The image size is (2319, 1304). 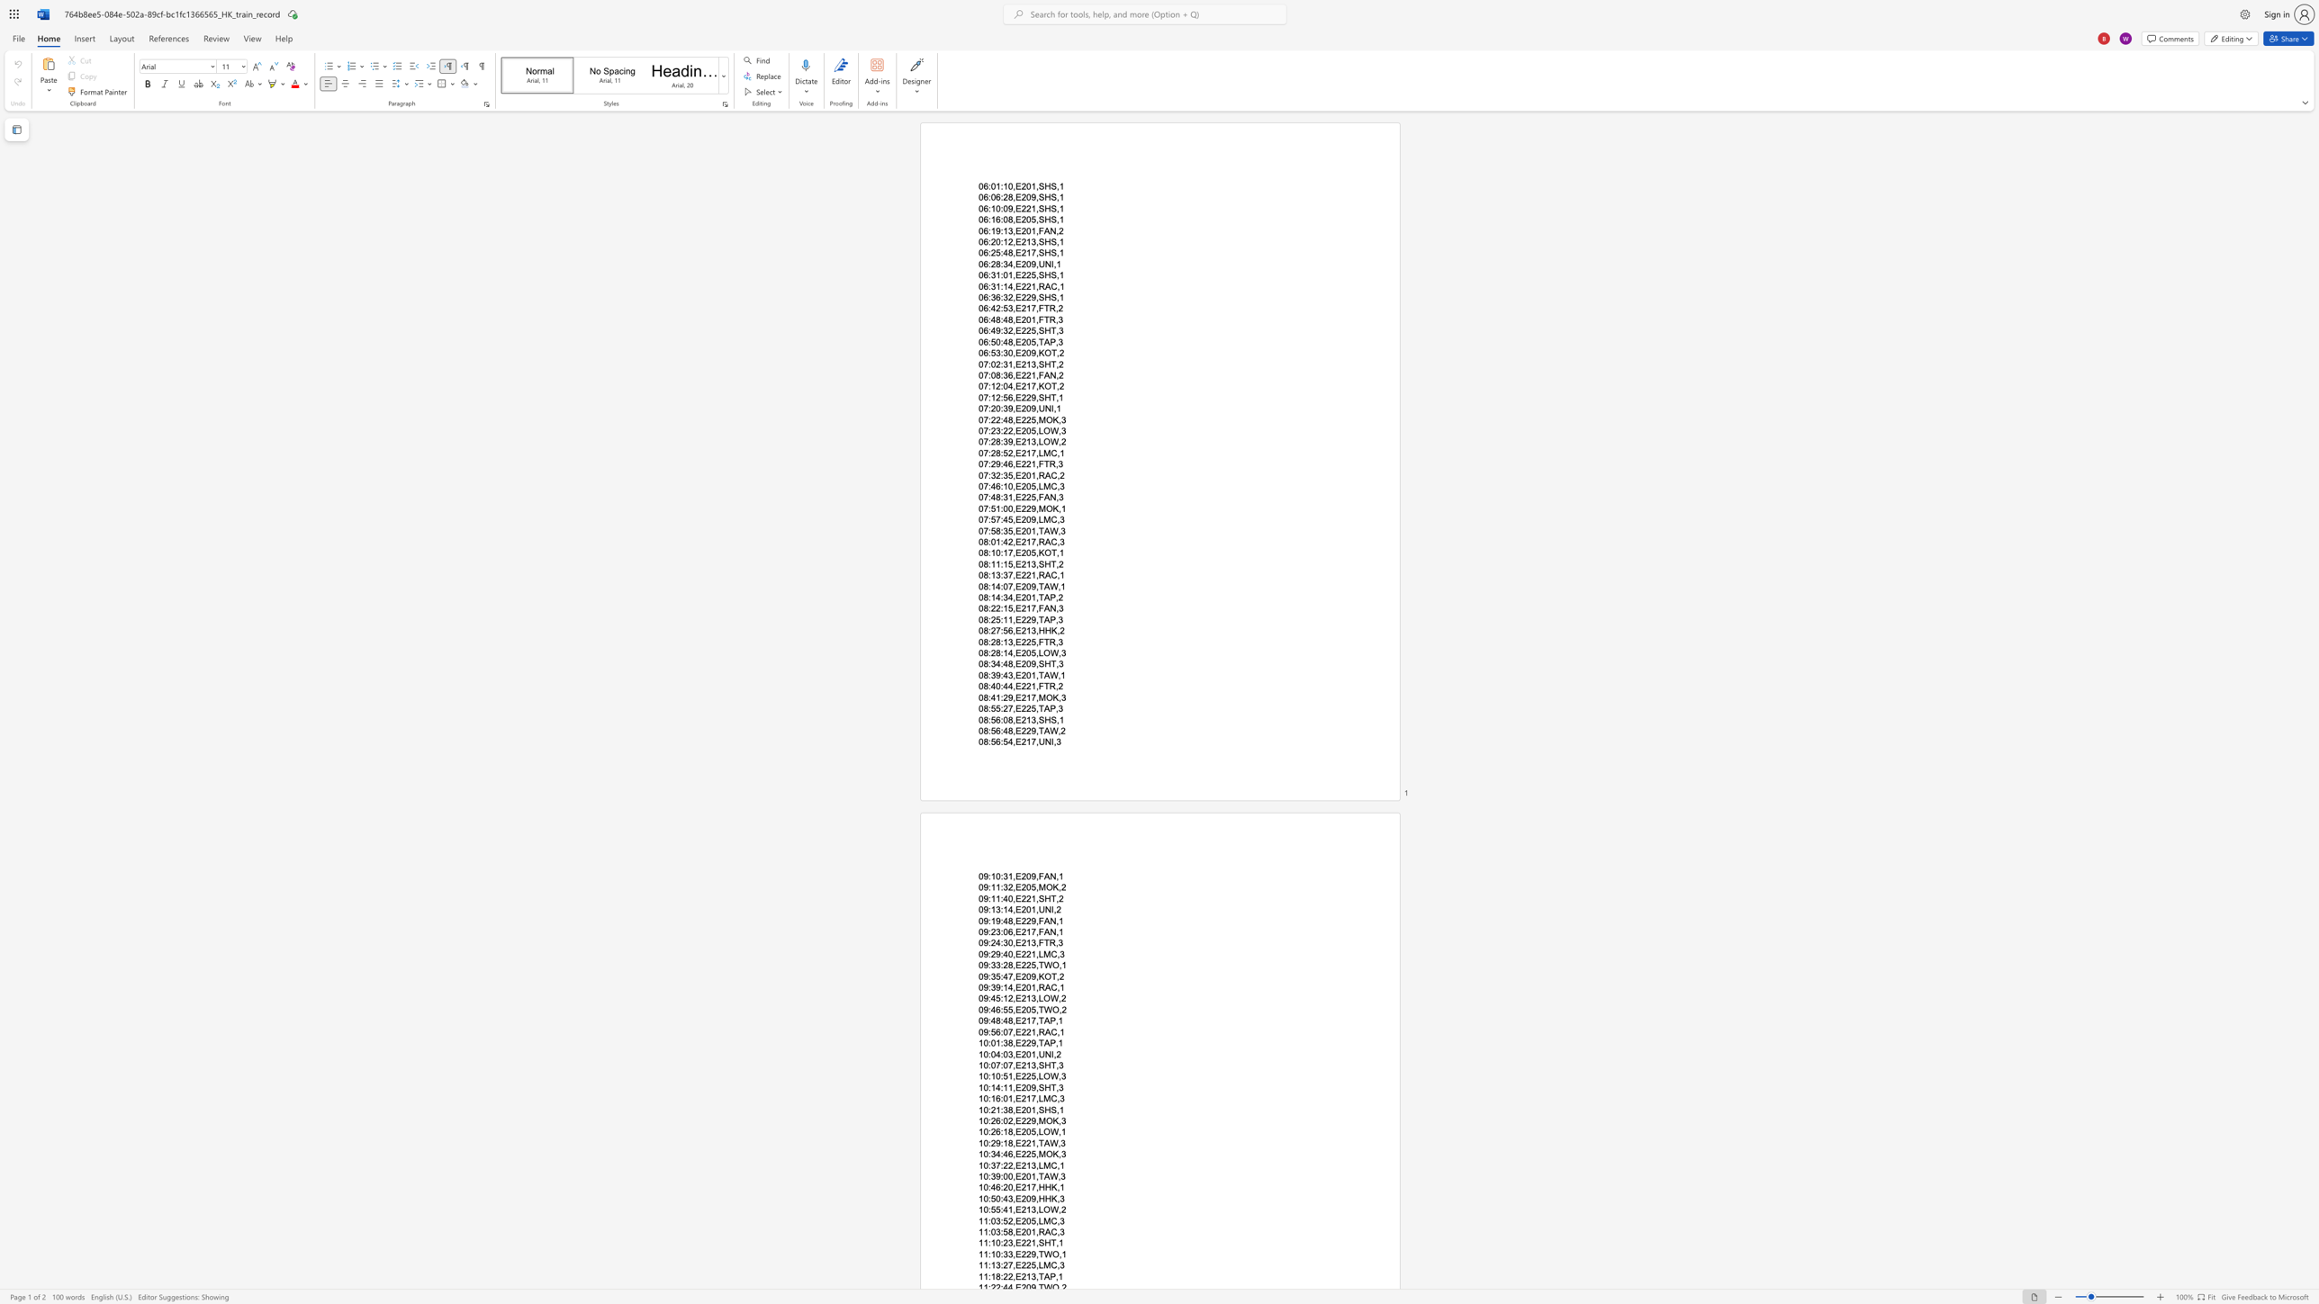 What do you see at coordinates (1000, 1030) in the screenshot?
I see `the space between the continuous character "6" and ":" in the text` at bounding box center [1000, 1030].